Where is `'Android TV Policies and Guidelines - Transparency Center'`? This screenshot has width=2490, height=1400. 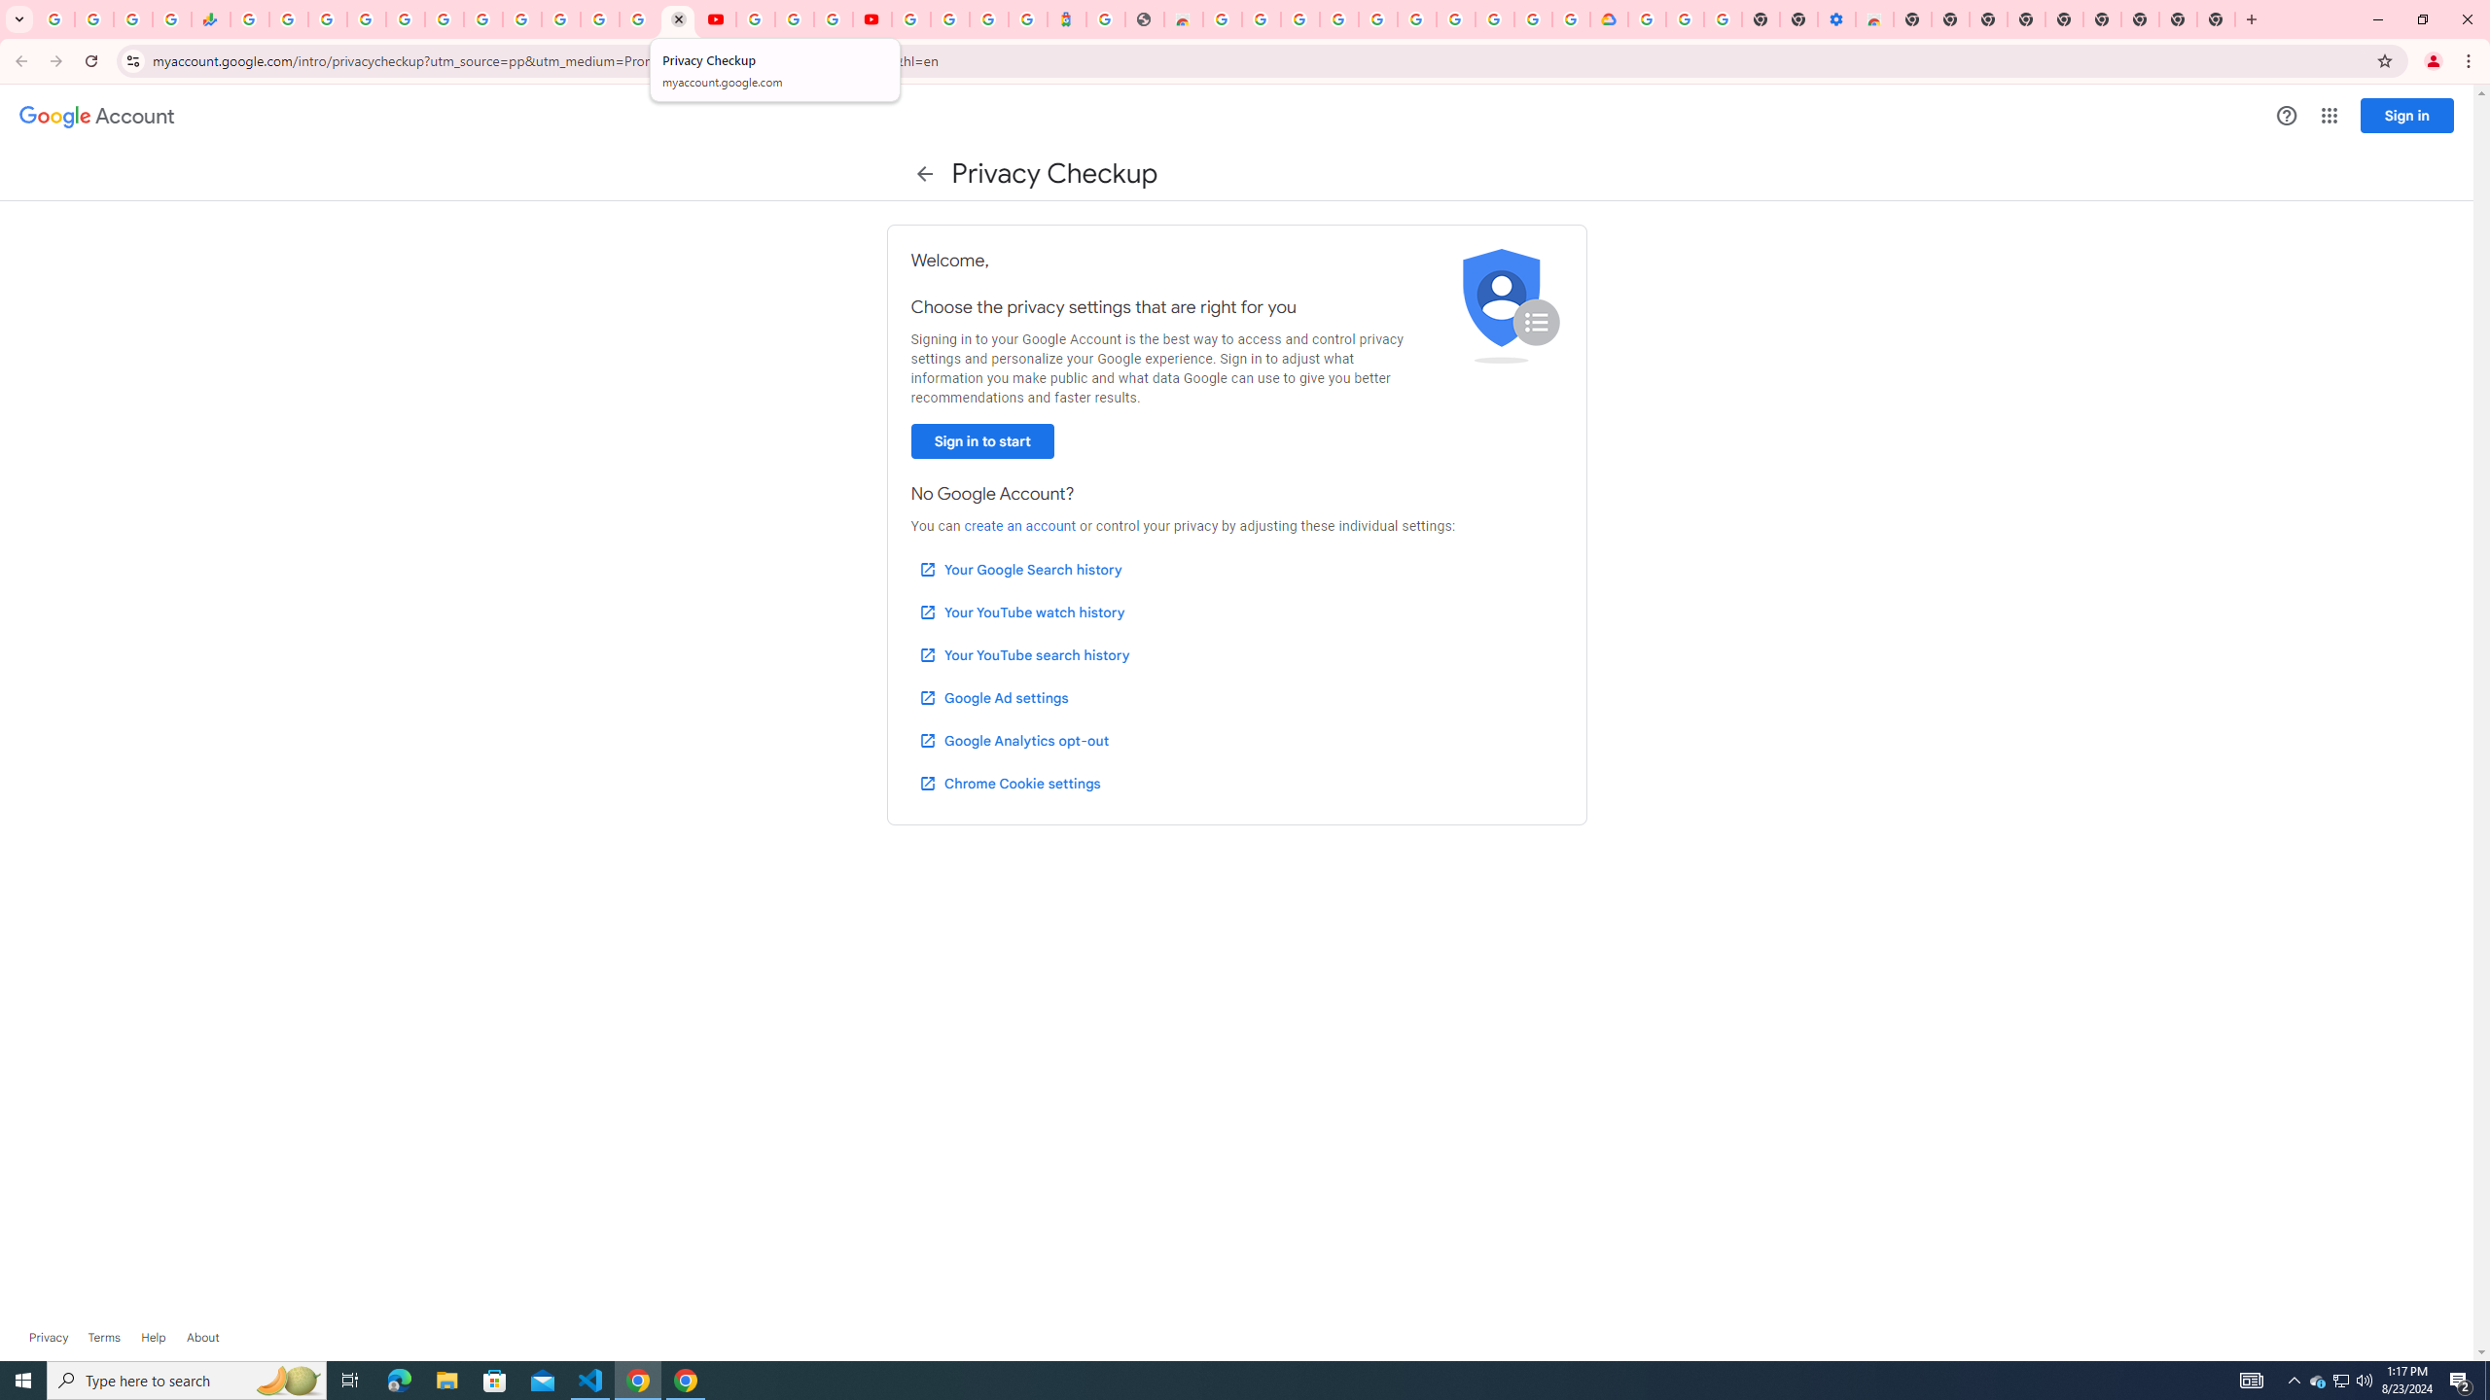
'Android TV Policies and Guidelines - Transparency Center' is located at coordinates (482, 18).